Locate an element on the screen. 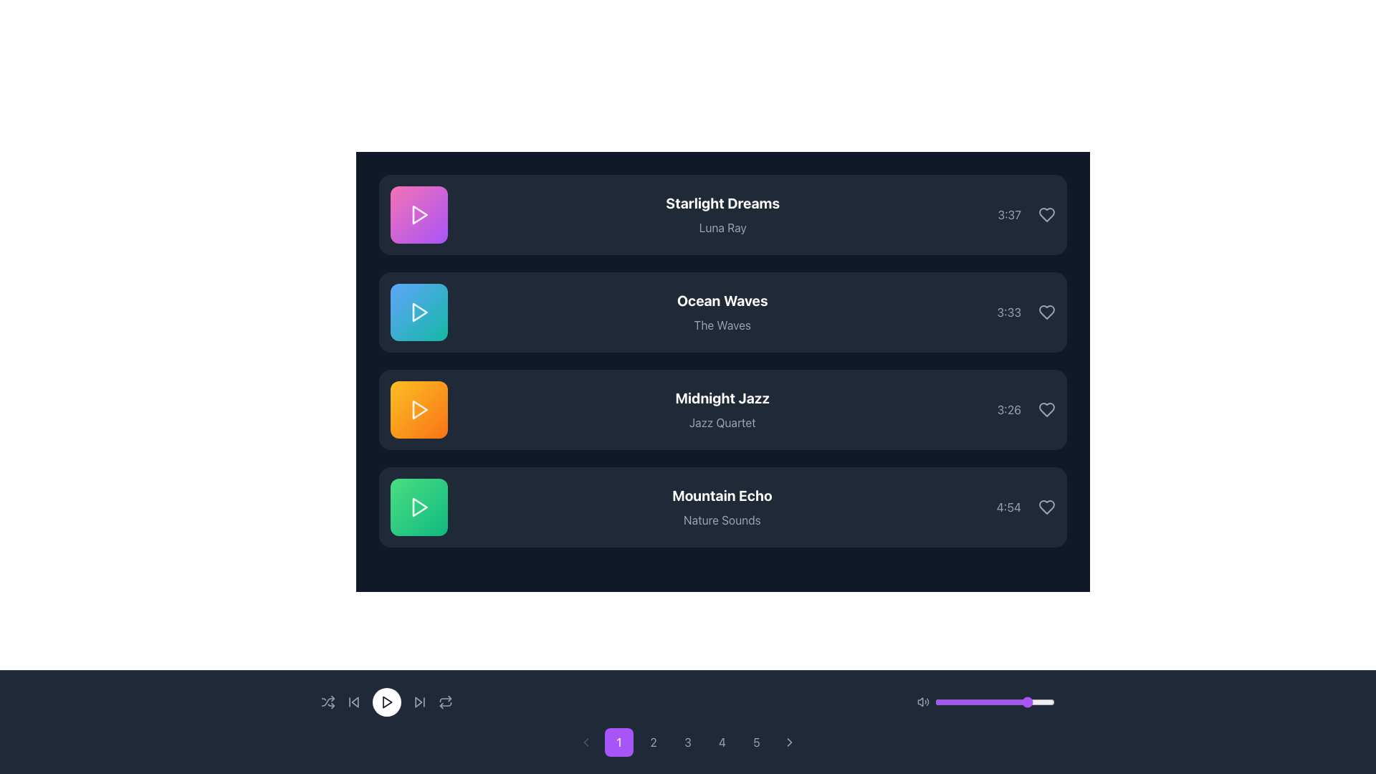 The height and width of the screenshot is (774, 1376). the fifth button in the bottom navigation bar to change its appearance is located at coordinates (756, 742).